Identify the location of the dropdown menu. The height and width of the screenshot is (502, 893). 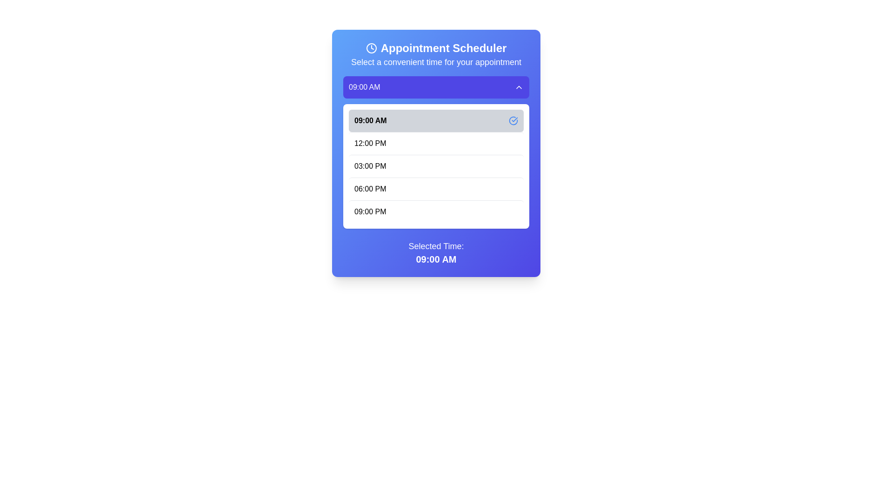
(435, 152).